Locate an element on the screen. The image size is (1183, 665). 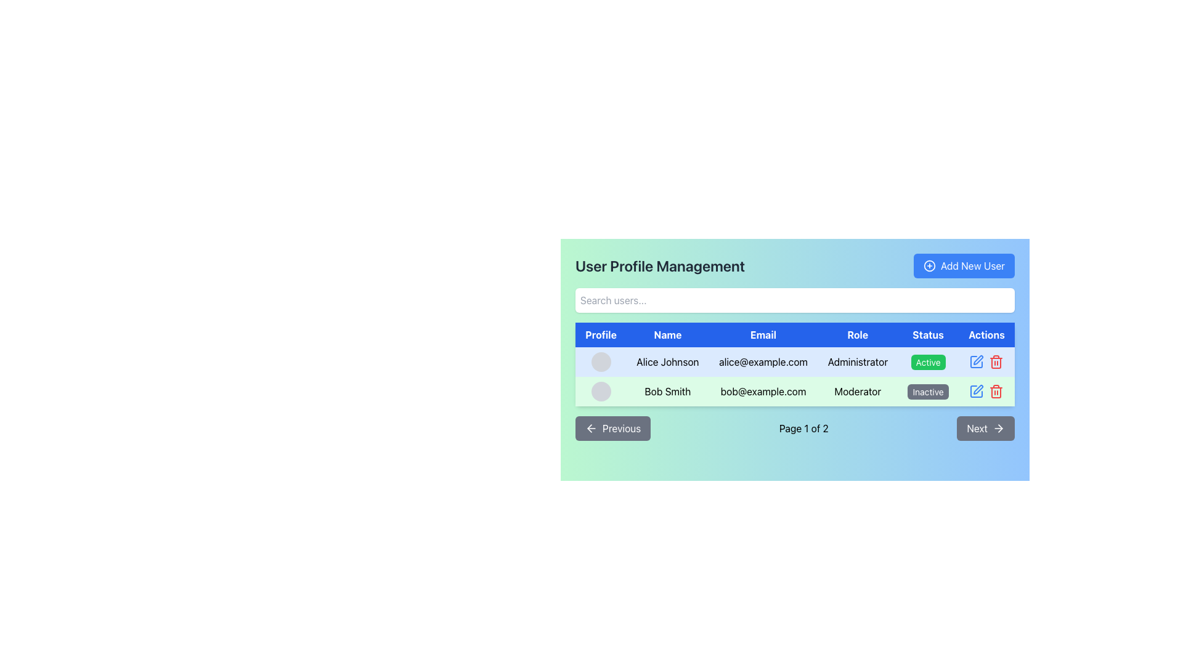
the edit icon represented by a pencil graphic in the Actions column of the user management table for the user Alice Johnson is located at coordinates (976, 361).